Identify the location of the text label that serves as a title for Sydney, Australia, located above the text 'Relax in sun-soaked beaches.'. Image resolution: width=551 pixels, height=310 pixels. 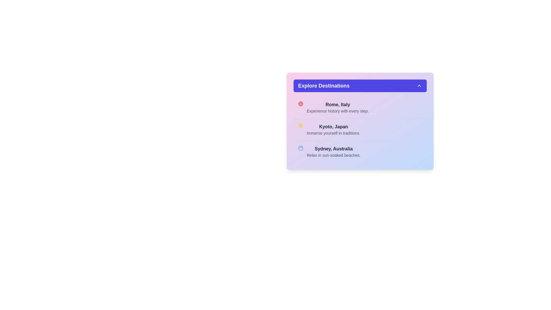
(333, 149).